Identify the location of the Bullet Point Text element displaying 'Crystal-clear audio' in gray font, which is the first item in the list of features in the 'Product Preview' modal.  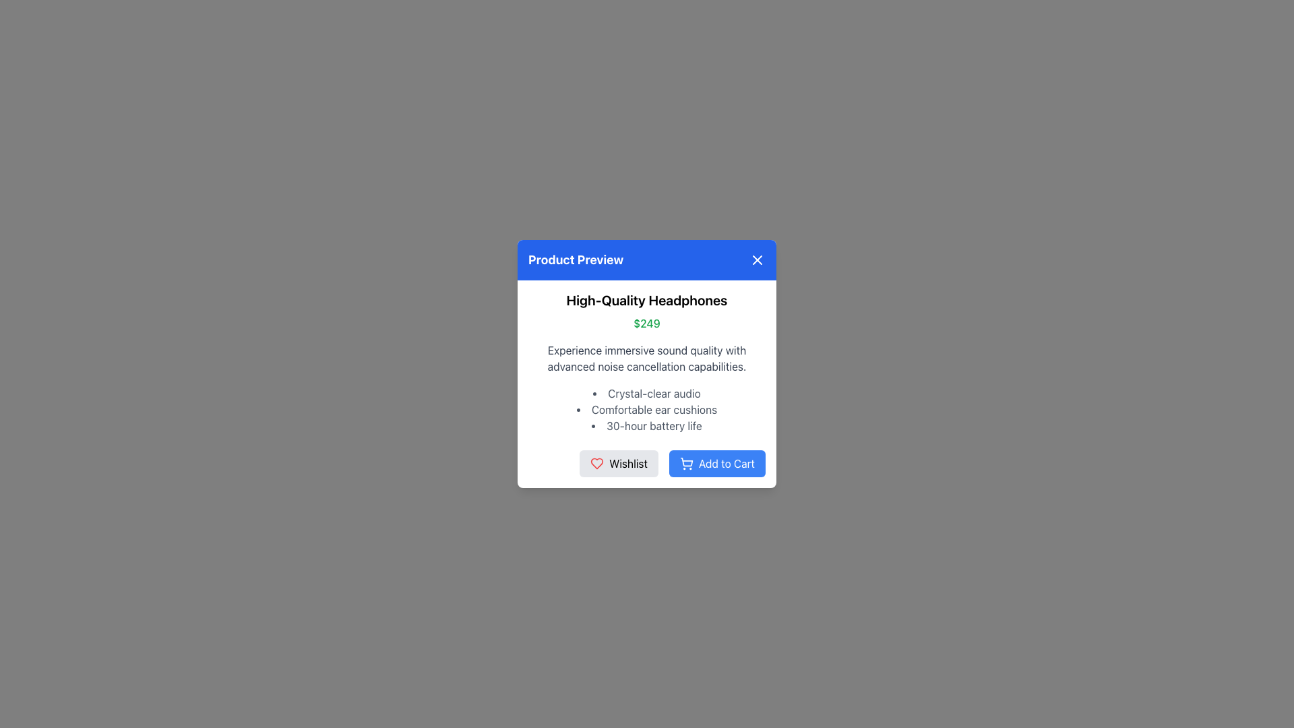
(647, 393).